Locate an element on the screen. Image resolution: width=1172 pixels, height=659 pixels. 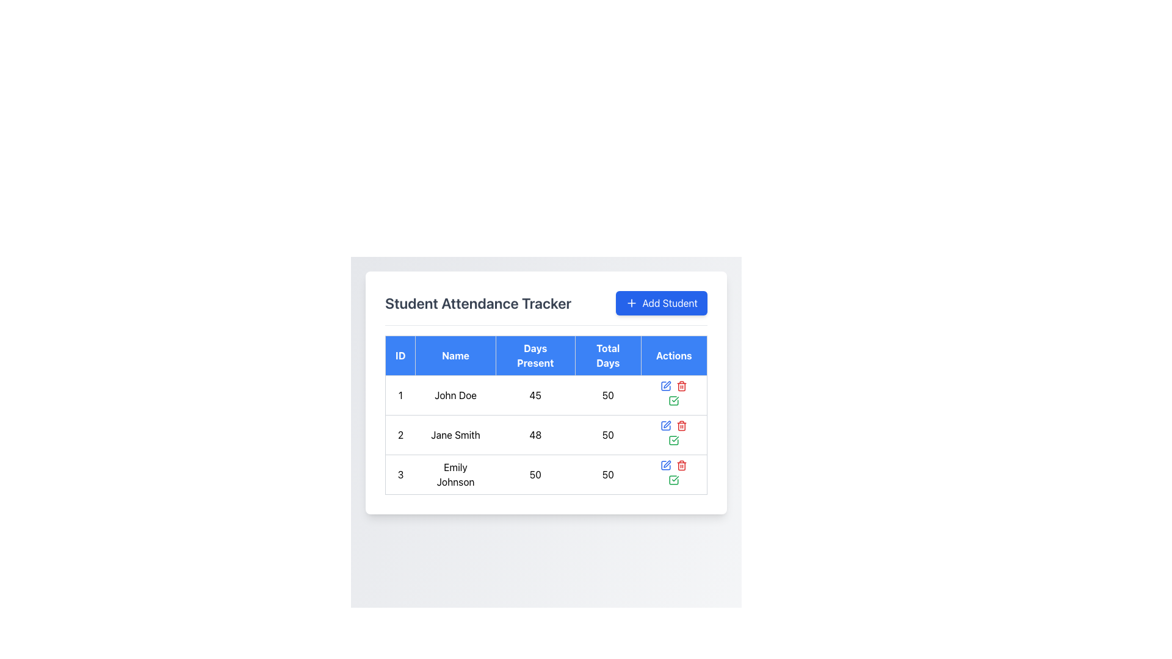
the static text element displaying the total number of days for the first student record, 'John Doe', in the 'Student Attendance Tracker' table, located in the fourth column of the first row is located at coordinates (608, 395).